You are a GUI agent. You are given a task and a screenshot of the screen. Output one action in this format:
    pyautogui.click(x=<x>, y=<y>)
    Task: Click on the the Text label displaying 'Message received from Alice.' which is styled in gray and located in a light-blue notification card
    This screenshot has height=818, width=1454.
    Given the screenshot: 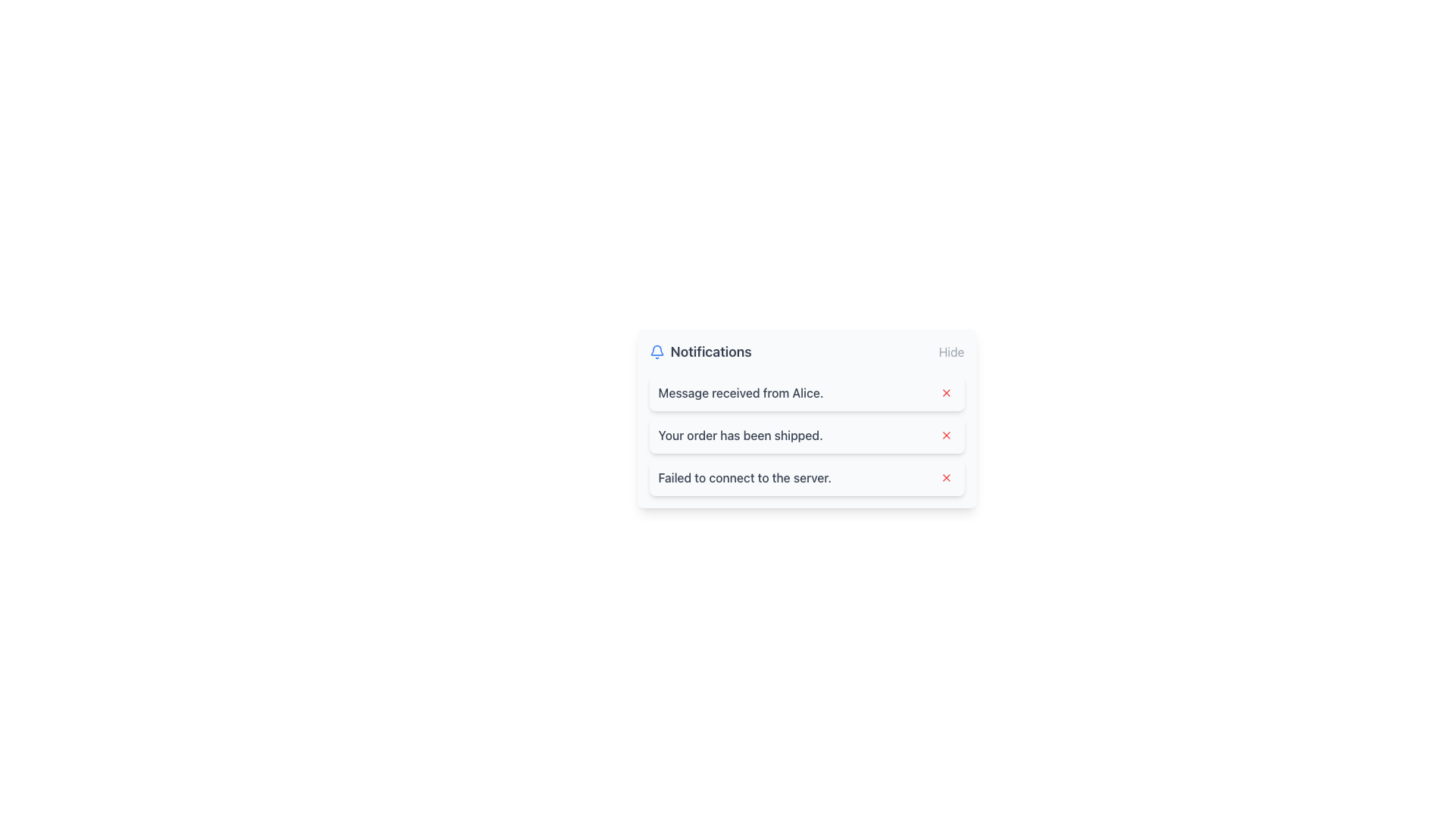 What is the action you would take?
    pyautogui.click(x=741, y=392)
    